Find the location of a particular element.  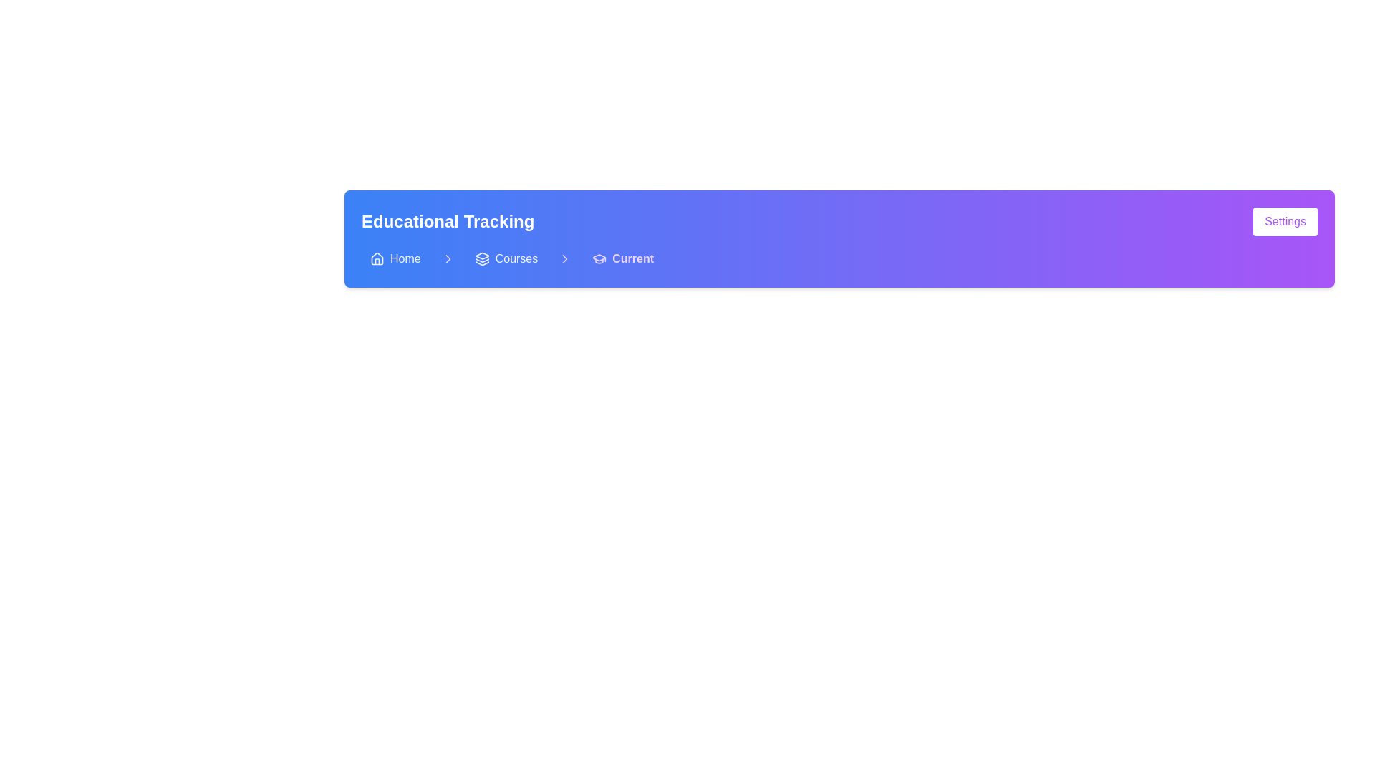

the 'Home' icon in the breadcrumb navigation for accessibility is located at coordinates (377, 258).